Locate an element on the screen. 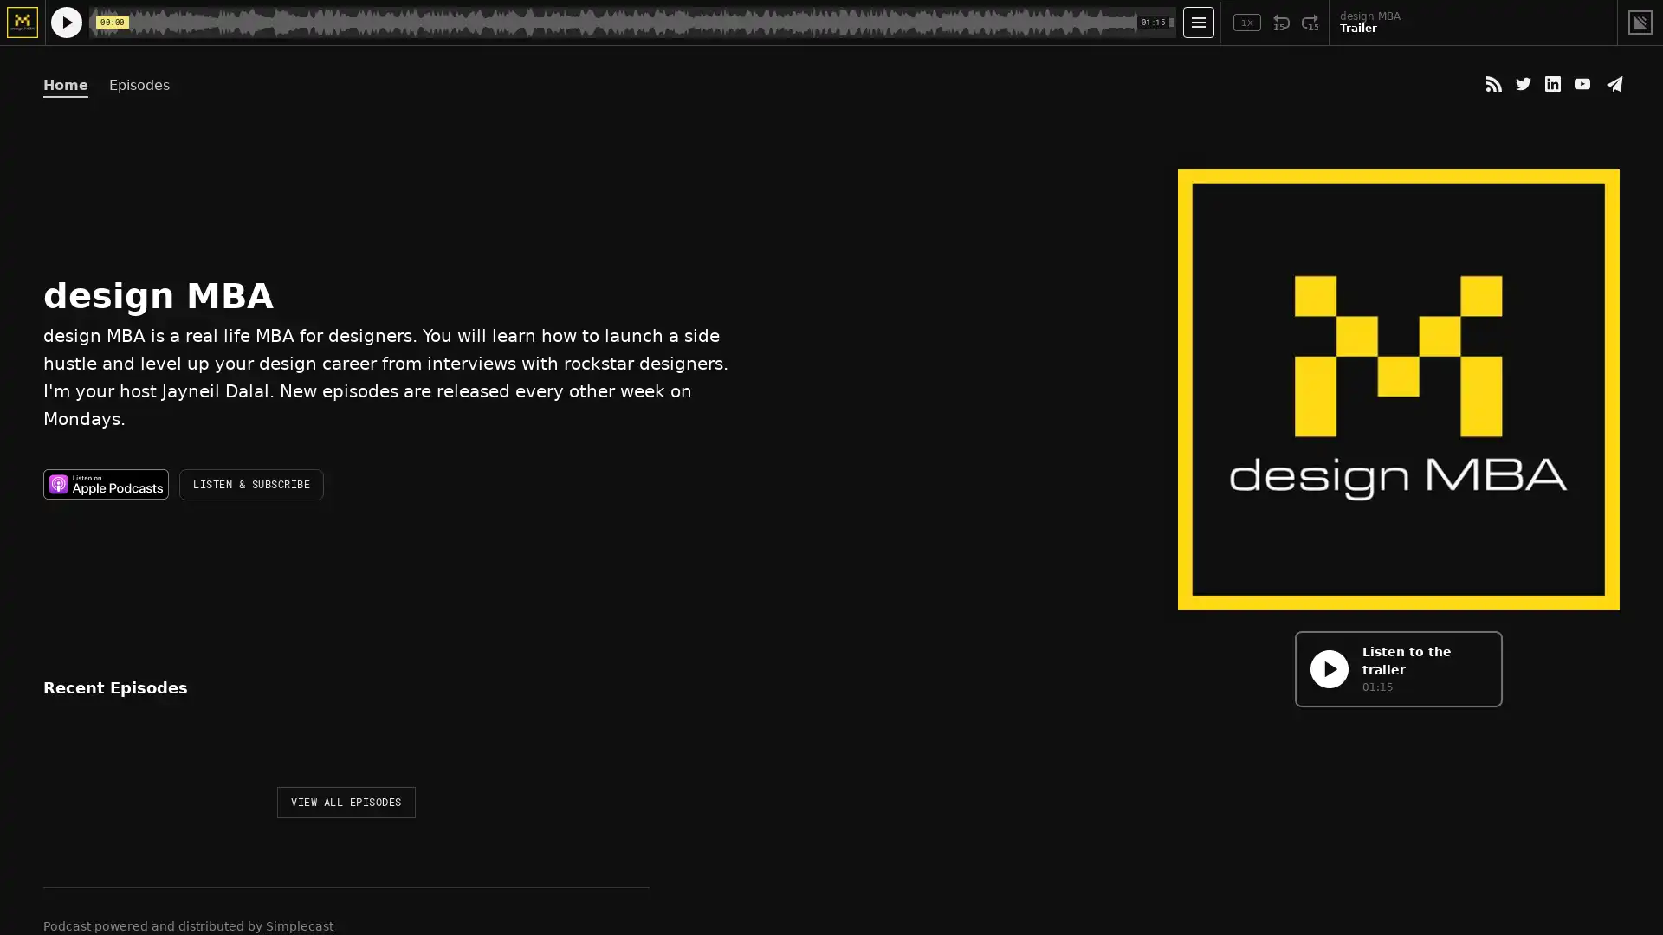 Image resolution: width=1663 pixels, height=935 pixels. Open Player Settings is located at coordinates (1197, 23).